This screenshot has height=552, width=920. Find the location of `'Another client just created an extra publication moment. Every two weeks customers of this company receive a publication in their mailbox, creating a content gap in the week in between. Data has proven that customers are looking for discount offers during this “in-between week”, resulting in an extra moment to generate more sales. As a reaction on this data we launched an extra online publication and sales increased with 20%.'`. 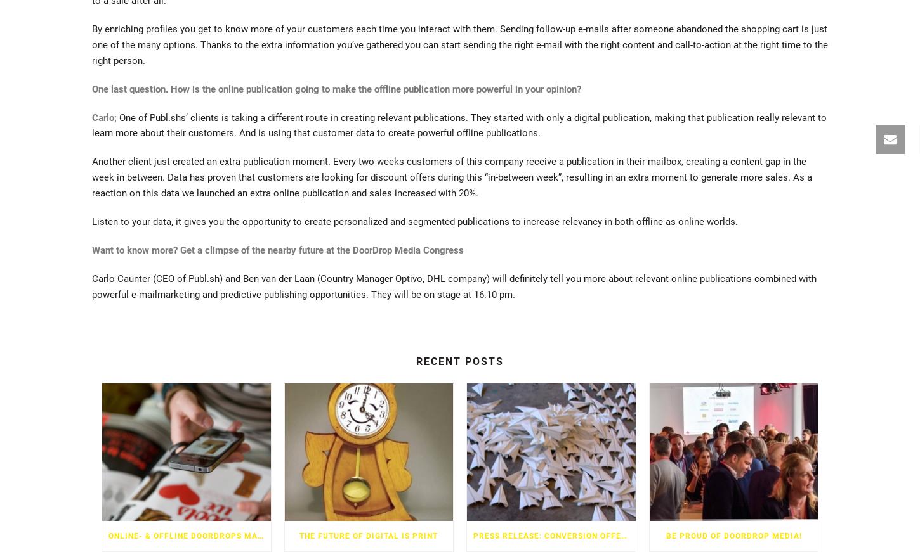

'Another client just created an extra publication moment. Every two weeks customers of this company receive a publication in their mailbox, creating a content gap in the week in between. Data has proven that customers are looking for discount offers during this “in-between week”, resulting in an extra moment to generate more sales. As a reaction on this data we launched an extra online publication and sales increased with 20%.' is located at coordinates (451, 177).